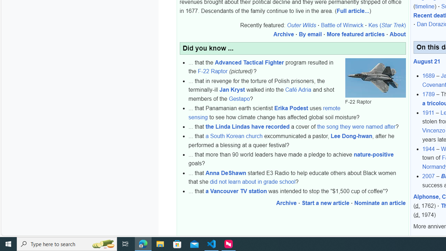 This screenshot has height=251, width=446. What do you see at coordinates (325, 203) in the screenshot?
I see `'Start a new article'` at bounding box center [325, 203].